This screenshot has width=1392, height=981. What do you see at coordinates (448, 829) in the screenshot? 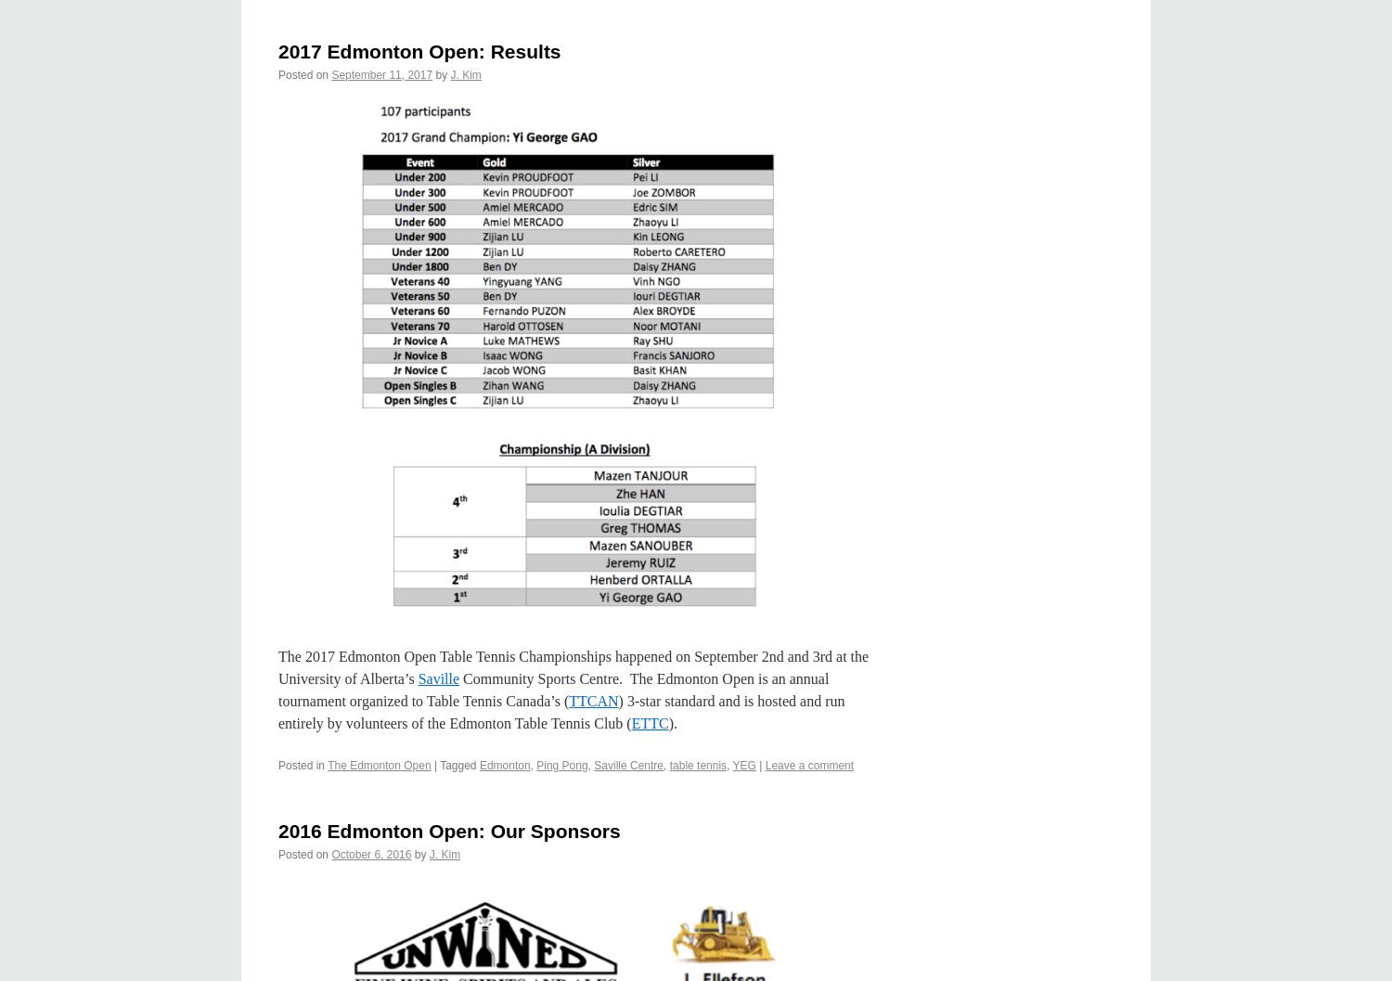
I see `'2016 Edmonton Open: Our Sponsors'` at bounding box center [448, 829].